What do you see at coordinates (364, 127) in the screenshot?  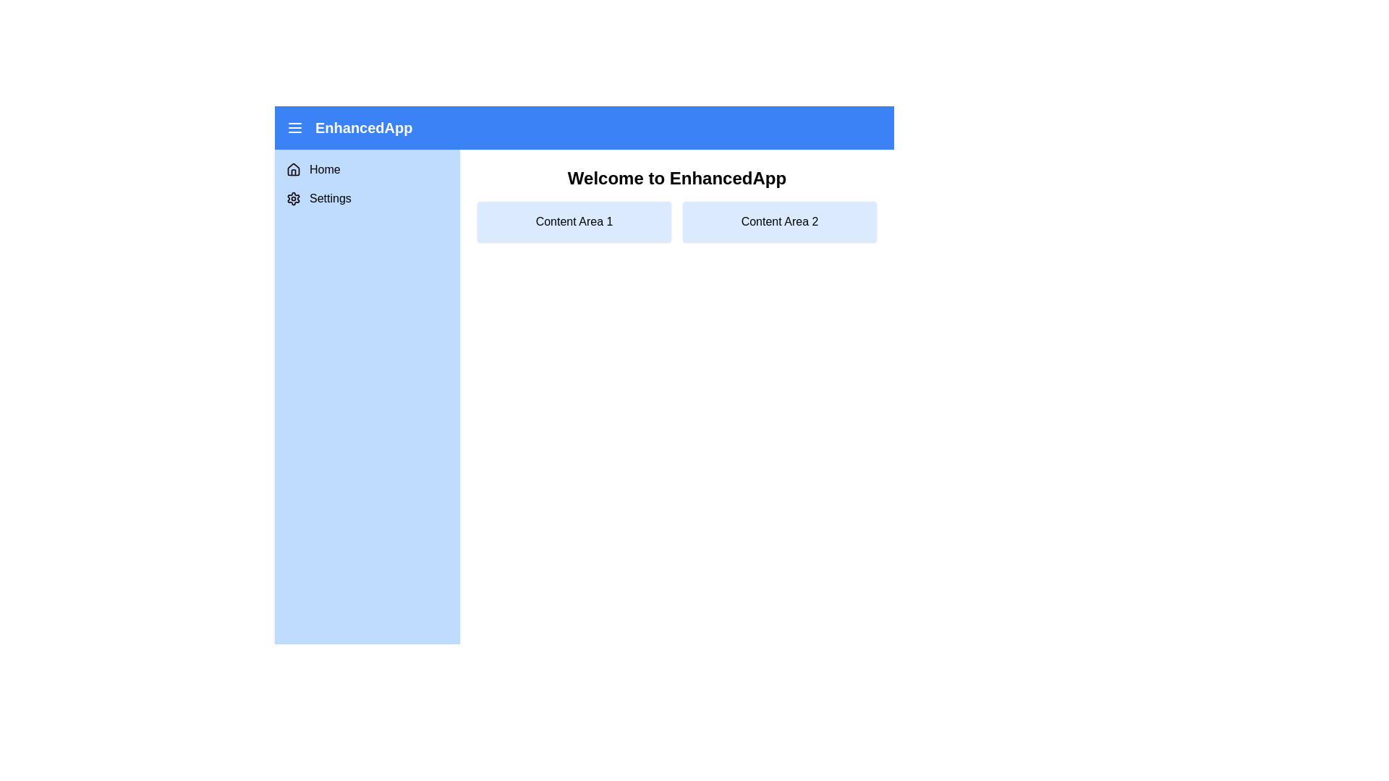 I see `title 'EnhancedApp' displayed in bold text within the top navigation bar, which is prominently positioned on a blue background` at bounding box center [364, 127].